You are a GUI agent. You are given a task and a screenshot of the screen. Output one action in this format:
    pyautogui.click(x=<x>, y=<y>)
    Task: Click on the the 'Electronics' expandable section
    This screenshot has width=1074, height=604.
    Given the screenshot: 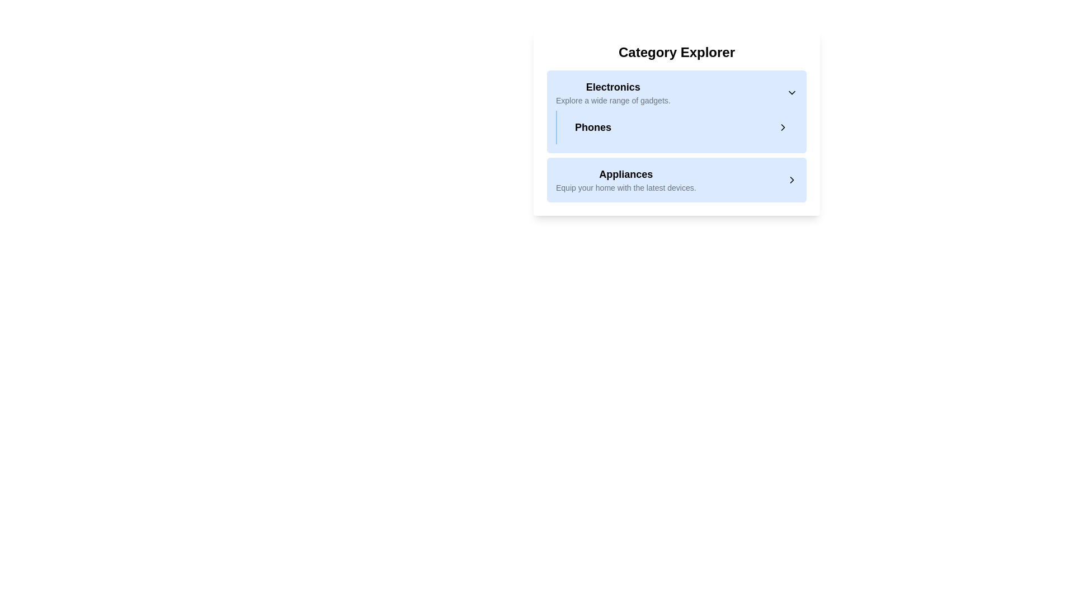 What is the action you would take?
    pyautogui.click(x=676, y=135)
    